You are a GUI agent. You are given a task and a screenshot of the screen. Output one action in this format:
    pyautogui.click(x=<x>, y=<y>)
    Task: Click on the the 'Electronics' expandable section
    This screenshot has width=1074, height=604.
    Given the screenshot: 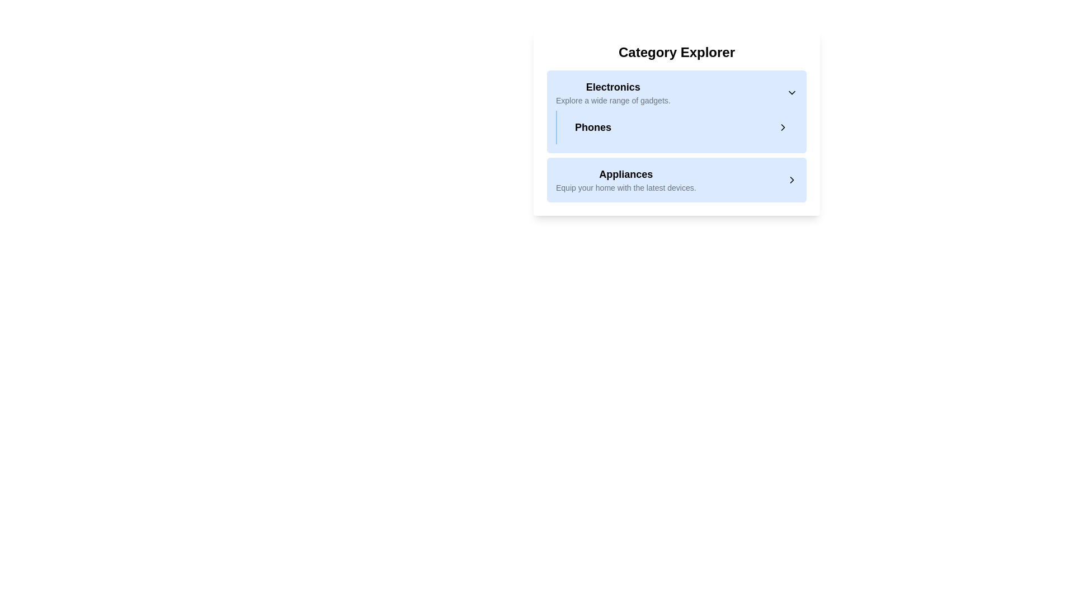 What is the action you would take?
    pyautogui.click(x=676, y=135)
    